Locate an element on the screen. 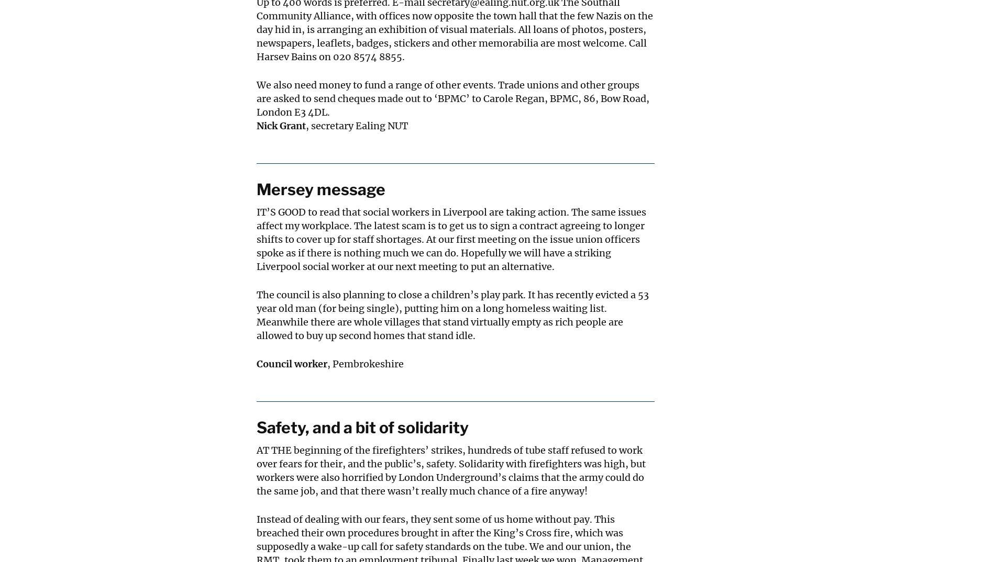 This screenshot has width=995, height=562. 'We also need money to fund a range of other events. Trade unions and other groups are asked to send cheques made out to ‘BPMC’ to Carole Regan, BPMC, 86, Bow Road, London E3 4DL.' is located at coordinates (257, 98).